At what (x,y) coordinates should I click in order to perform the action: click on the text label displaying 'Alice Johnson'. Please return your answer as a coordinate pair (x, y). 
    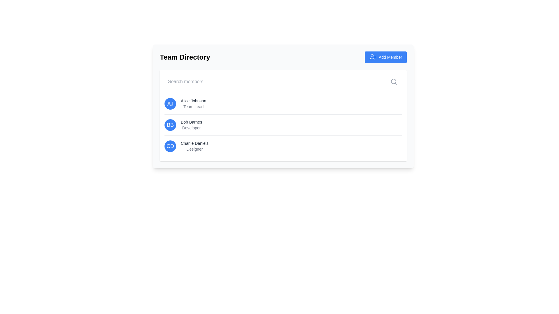
    Looking at the image, I should click on (193, 101).